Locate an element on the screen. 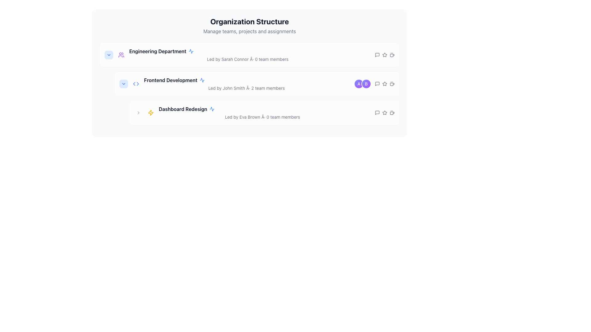 Image resolution: width=591 pixels, height=332 pixels. the coffee mug icon located in the third row, far right is located at coordinates (392, 113).